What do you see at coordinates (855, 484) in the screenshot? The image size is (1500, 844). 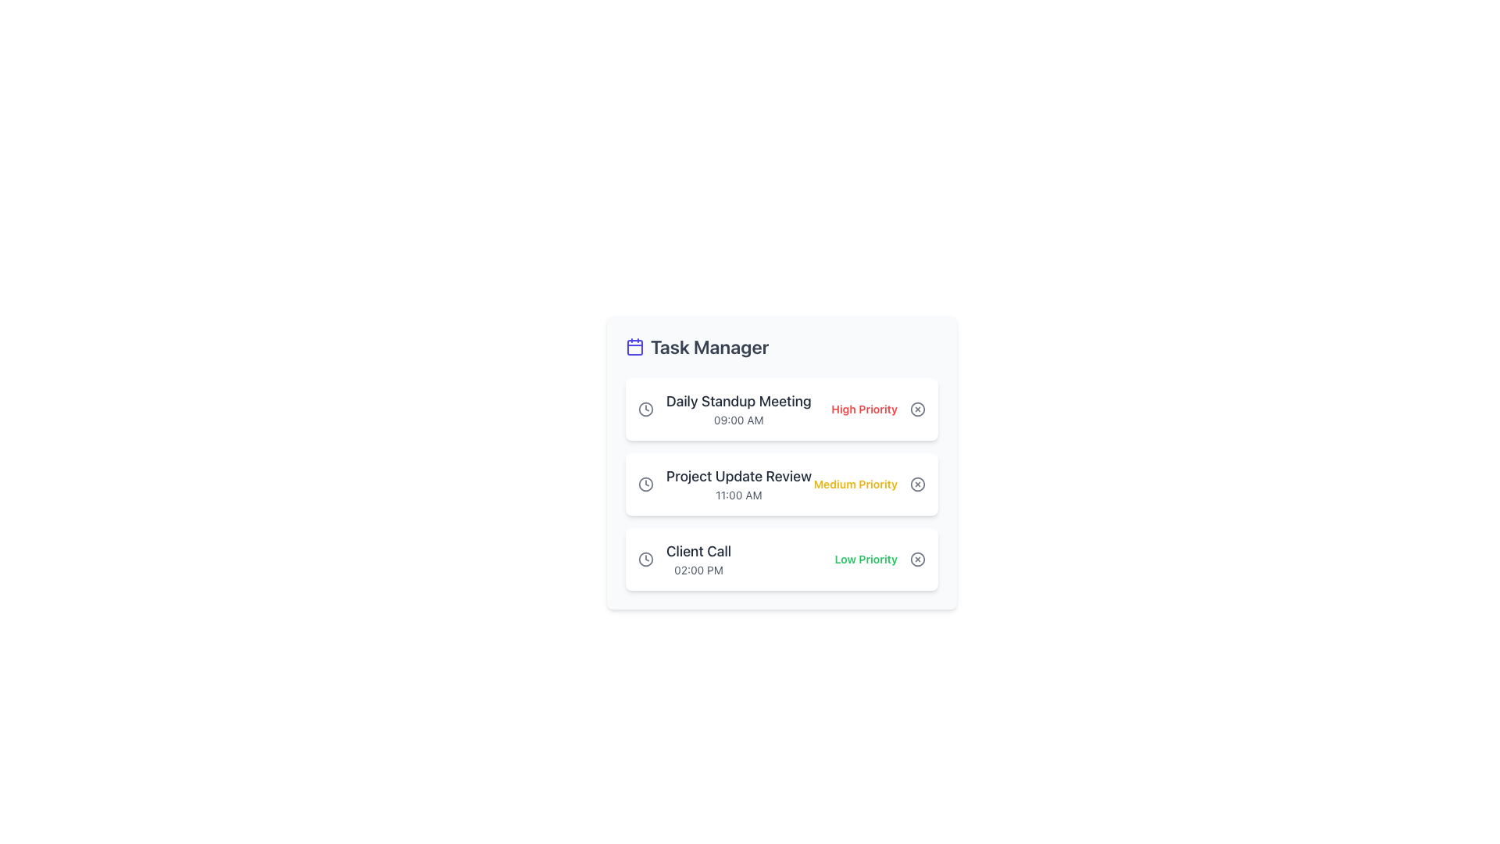 I see `the medium urgency Text label located to the right of the task title 'Project Update Review' in the task management interface` at bounding box center [855, 484].